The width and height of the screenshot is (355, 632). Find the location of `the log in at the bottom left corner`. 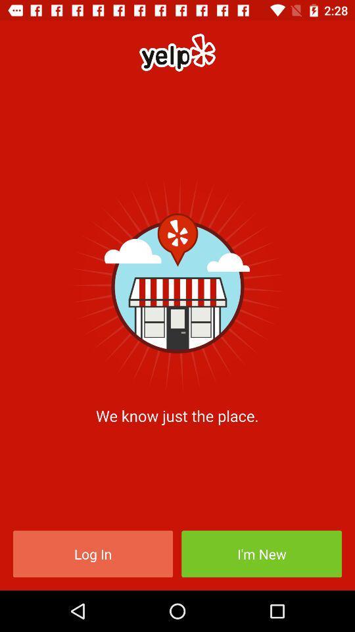

the log in at the bottom left corner is located at coordinates (92, 553).